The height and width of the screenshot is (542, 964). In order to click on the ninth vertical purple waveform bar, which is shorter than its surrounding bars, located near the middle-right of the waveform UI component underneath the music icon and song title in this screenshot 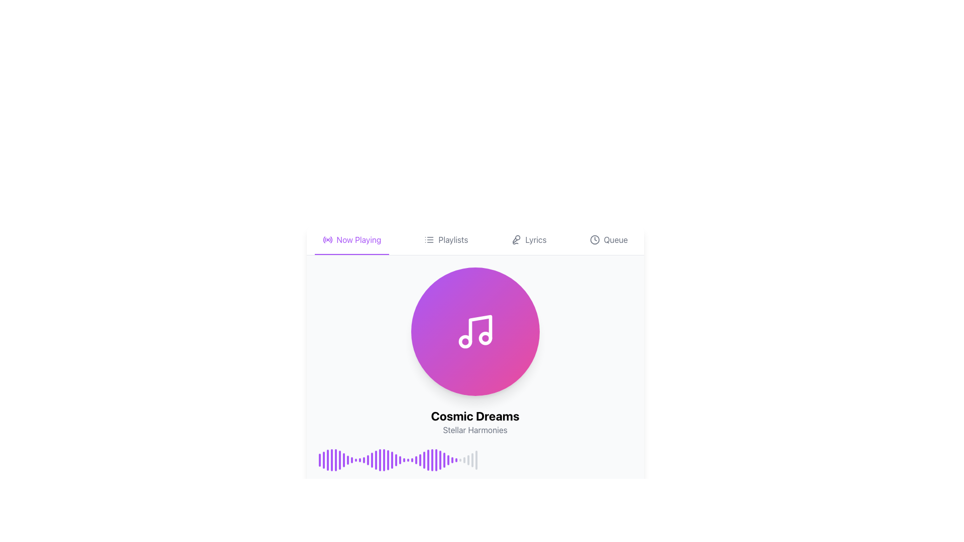, I will do `click(351, 460)`.